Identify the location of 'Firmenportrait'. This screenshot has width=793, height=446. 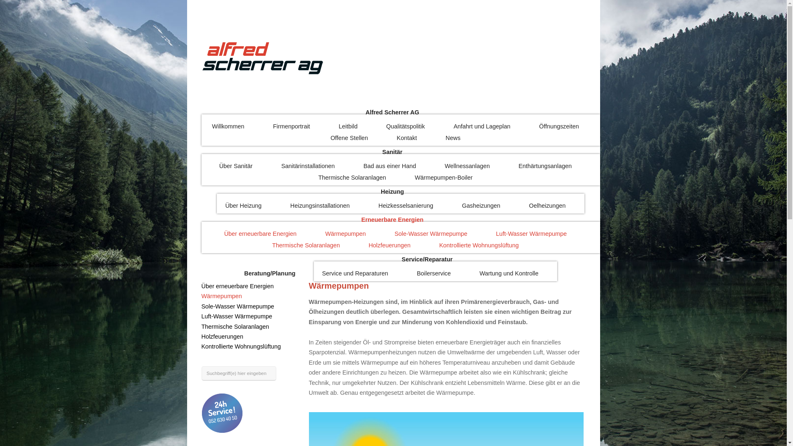
(273, 128).